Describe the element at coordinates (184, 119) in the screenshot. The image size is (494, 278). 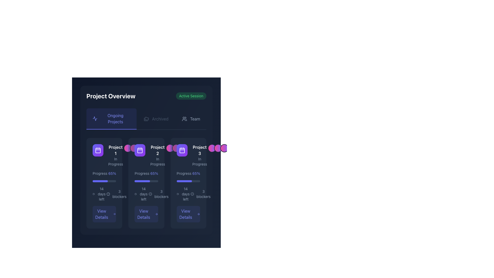
I see `the small icon representing a group of people within the 'Team' navigation button` at that location.